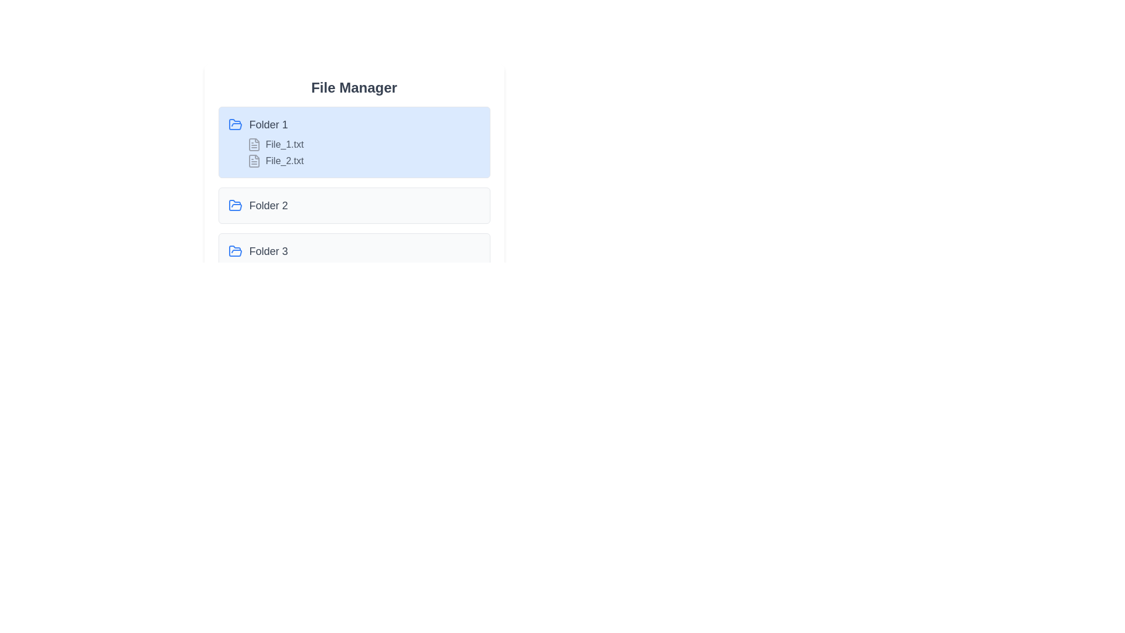 The image size is (1125, 633). What do you see at coordinates (268, 250) in the screenshot?
I see `the 'Folder 3' text label, which is the third entry under the 'File Manager' title` at bounding box center [268, 250].